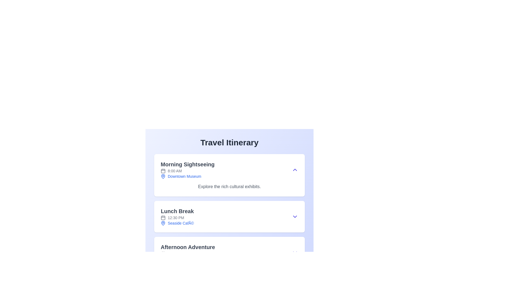 This screenshot has height=294, width=523. What do you see at coordinates (187, 170) in the screenshot?
I see `the first item in the vertical itinerary list that displays an event or activity's title, time, and location, located beneath 'Travel Itinerary'` at bounding box center [187, 170].